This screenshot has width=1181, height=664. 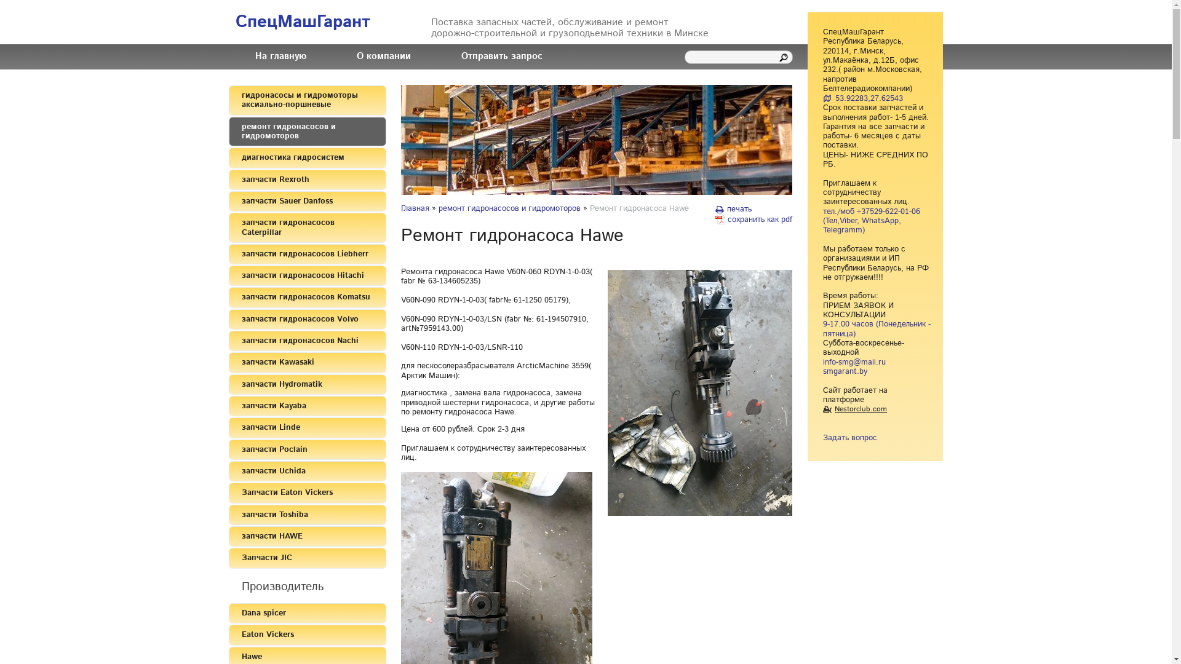 I want to click on '53.92283,27.62543', so click(x=862, y=98).